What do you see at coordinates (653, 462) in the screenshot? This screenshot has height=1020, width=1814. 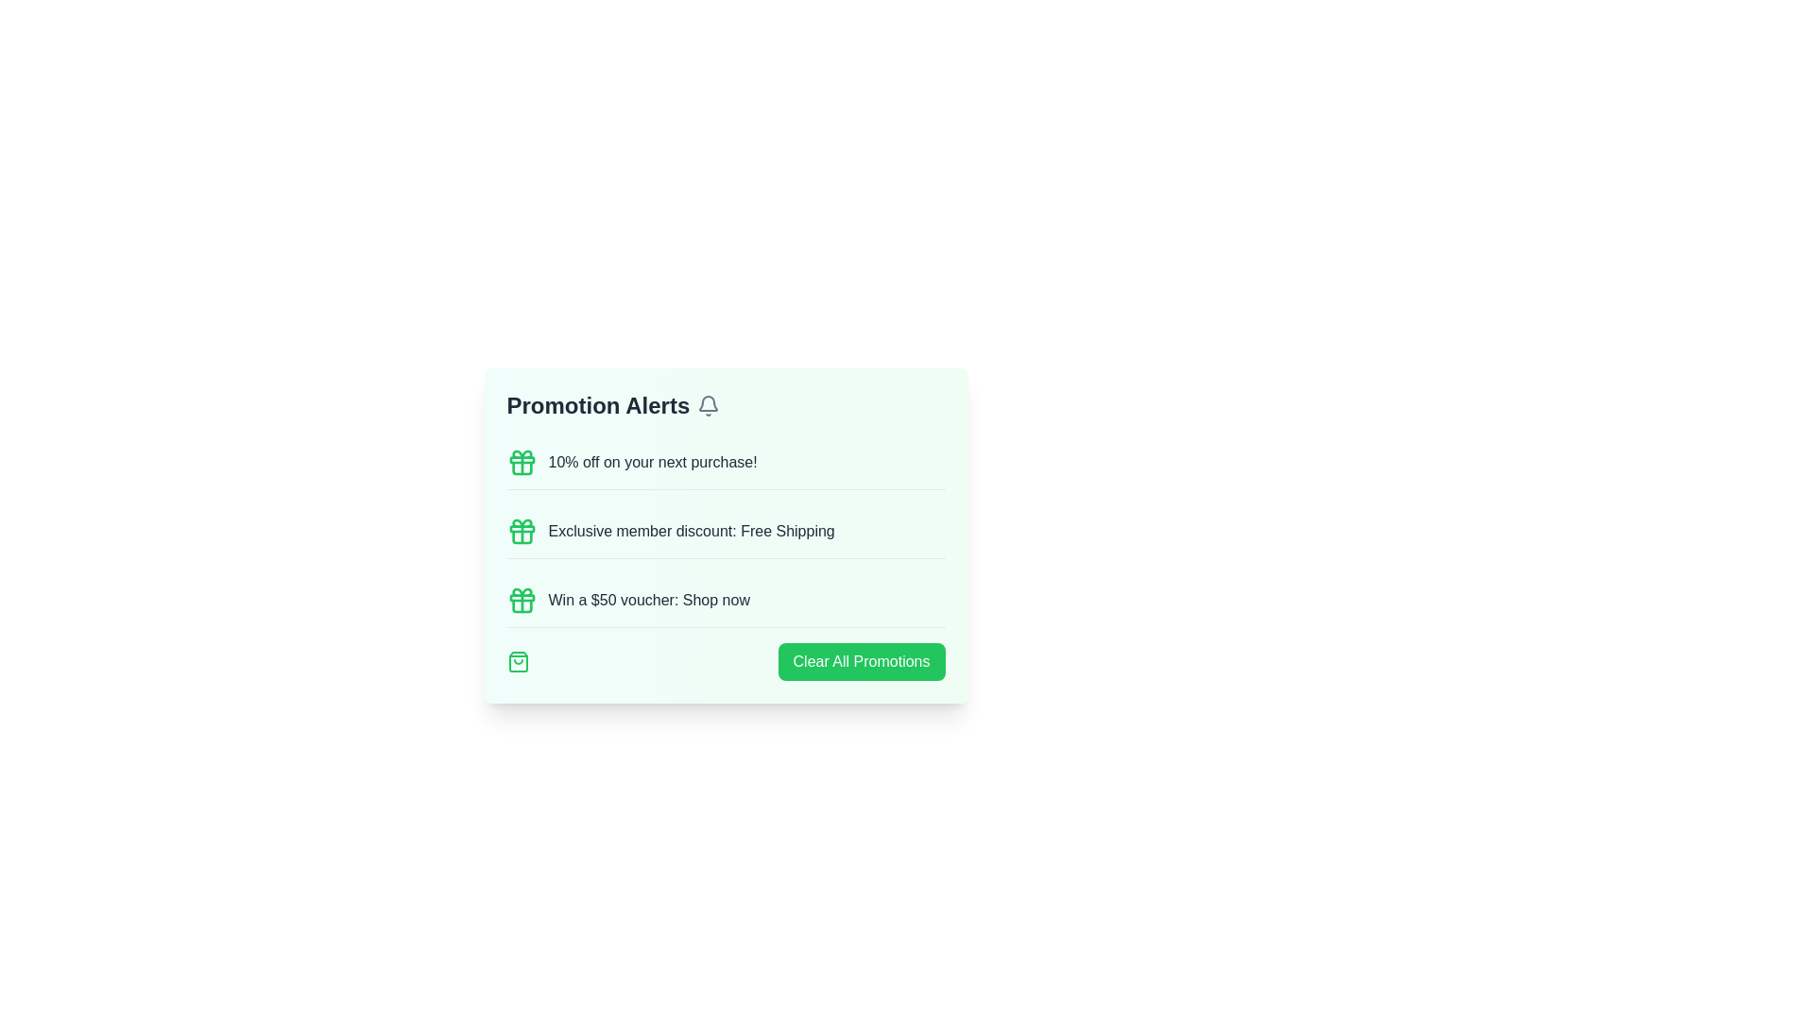 I see `the text label stating '10% off on your next purchase!' which is the first entry in the 'Promotion Alerts' section, positioned to the right of the green gift icon` at bounding box center [653, 462].